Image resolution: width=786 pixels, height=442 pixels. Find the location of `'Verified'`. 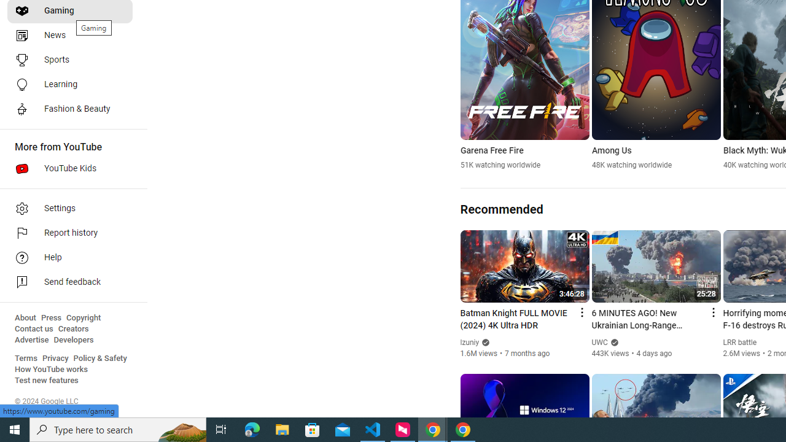

'Verified' is located at coordinates (613, 342).